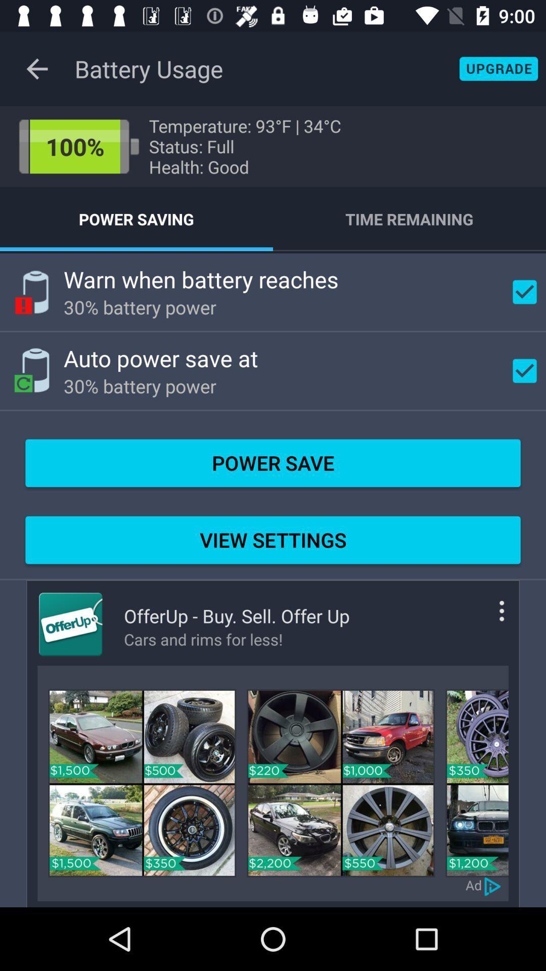 The height and width of the screenshot is (971, 546). Describe the element at coordinates (493, 885) in the screenshot. I see `switch autoplay option` at that location.